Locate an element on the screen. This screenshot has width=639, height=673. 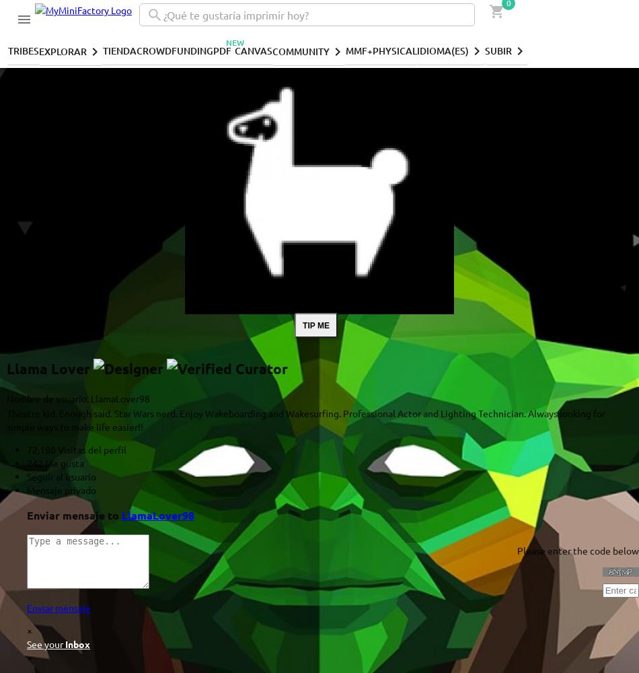
'Crowdfunding' is located at coordinates (174, 49).